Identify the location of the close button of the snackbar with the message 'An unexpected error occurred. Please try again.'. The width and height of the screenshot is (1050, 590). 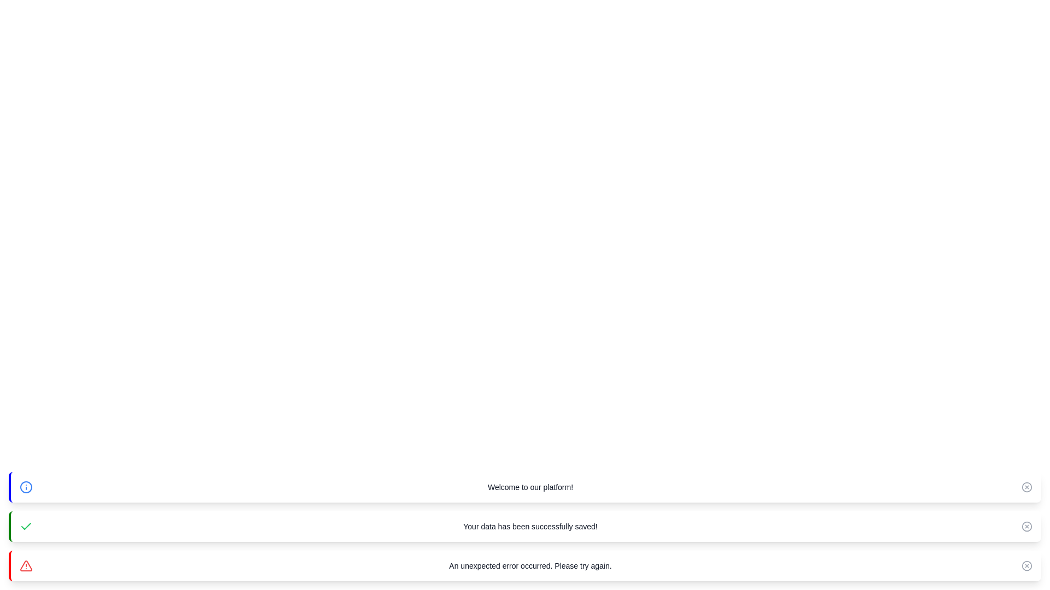
(1026, 565).